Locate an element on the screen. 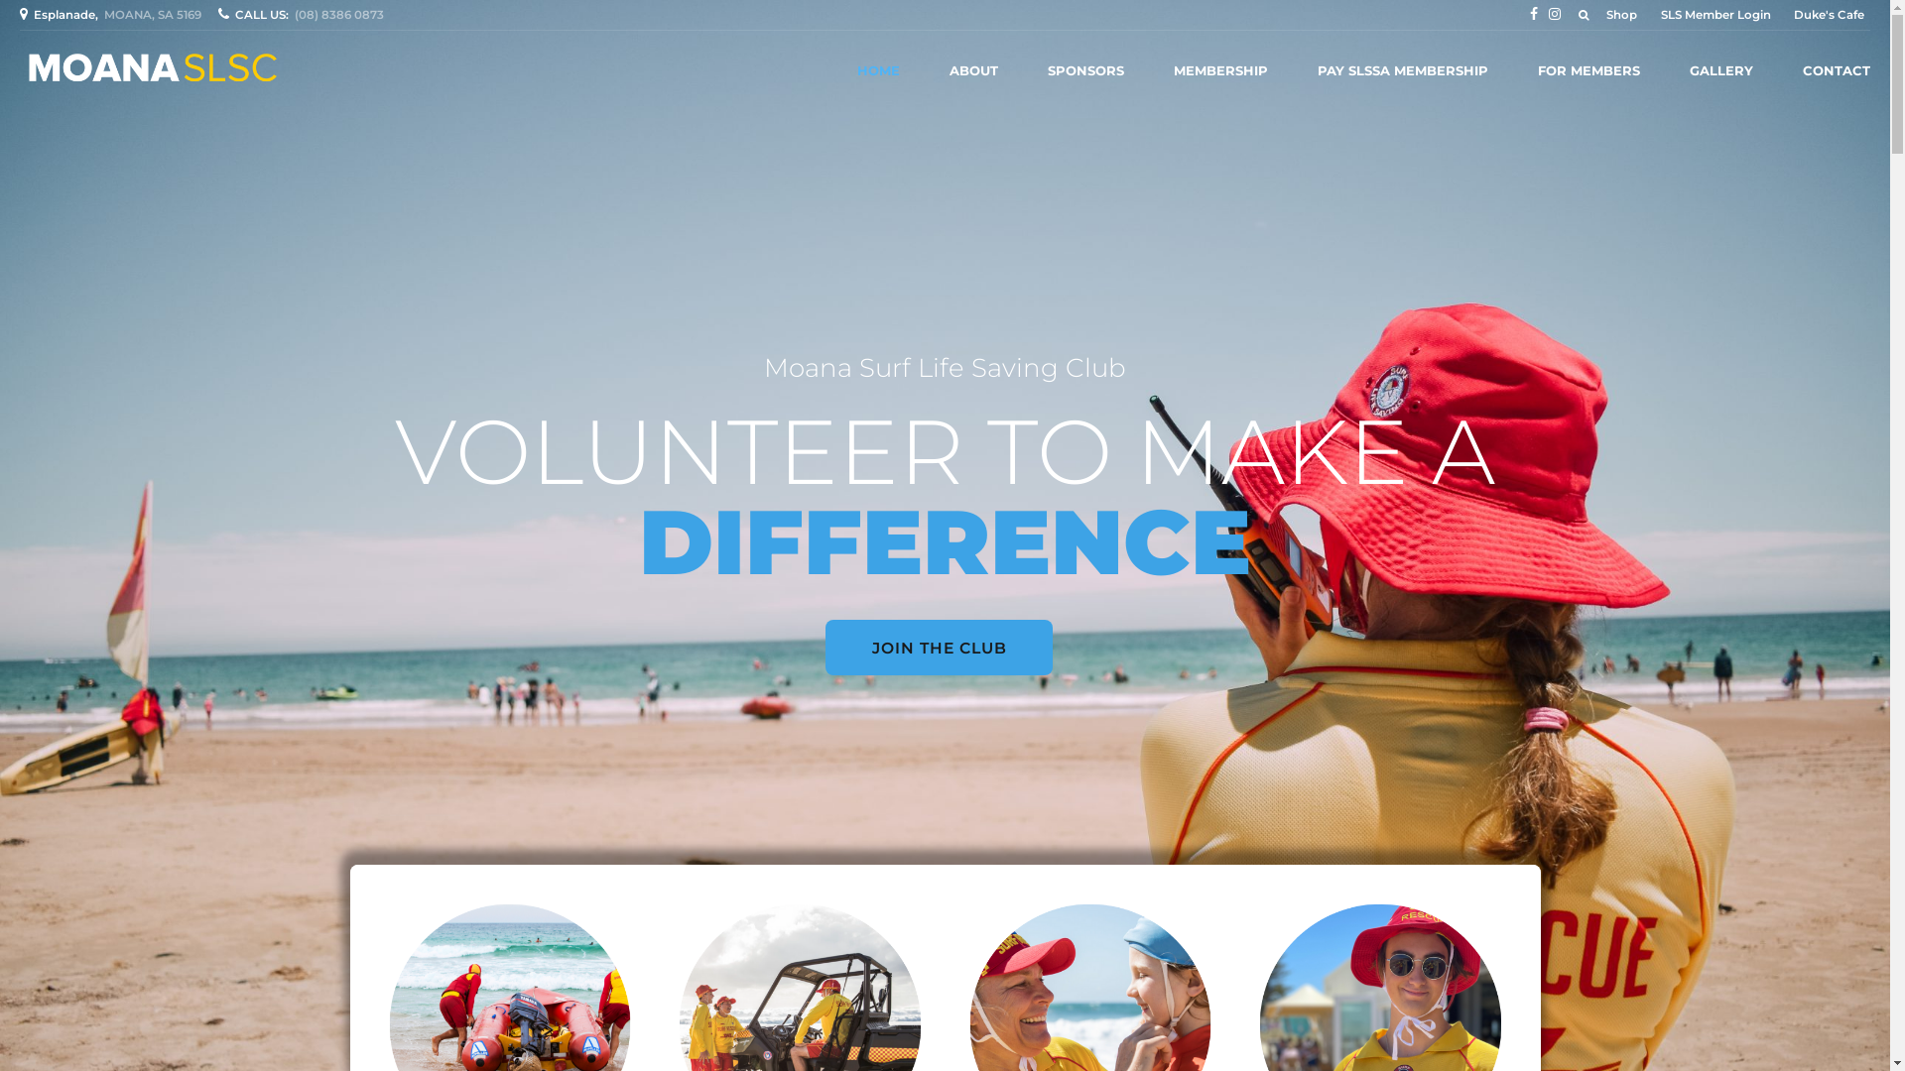  'CONTACT' is located at coordinates (1803, 68).